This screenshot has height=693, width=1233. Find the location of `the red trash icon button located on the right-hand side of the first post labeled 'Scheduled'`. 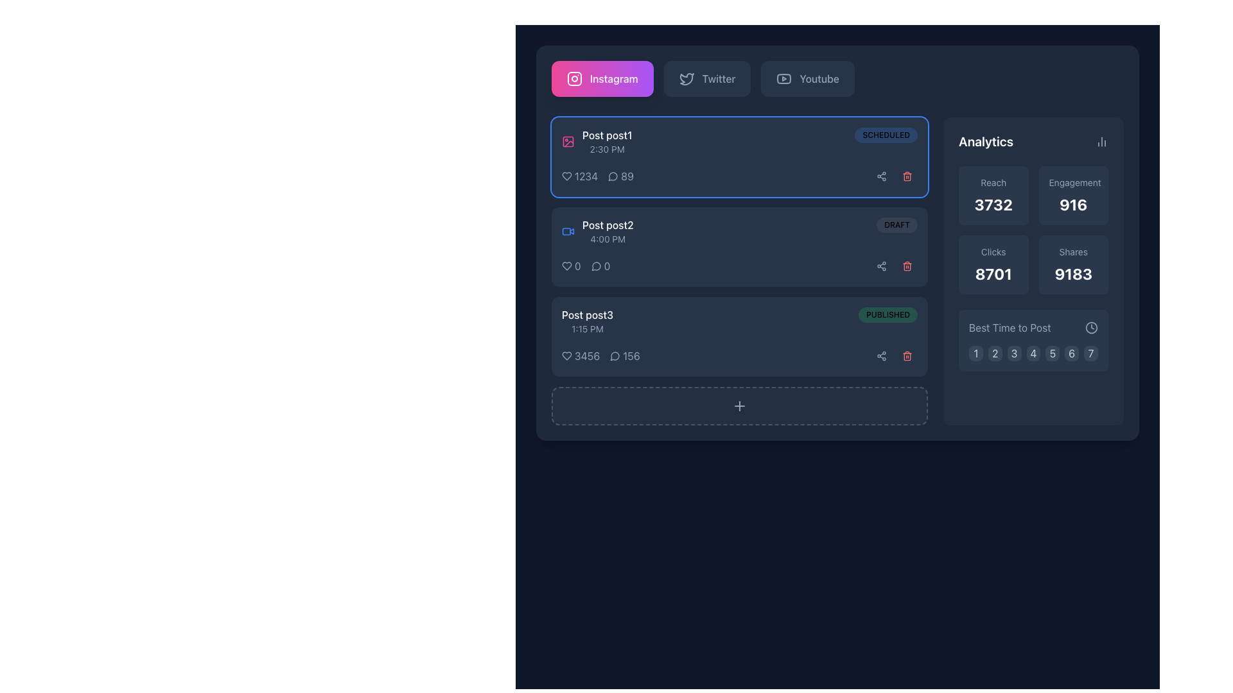

the red trash icon button located on the right-hand side of the first post labeled 'Scheduled' is located at coordinates (906, 176).